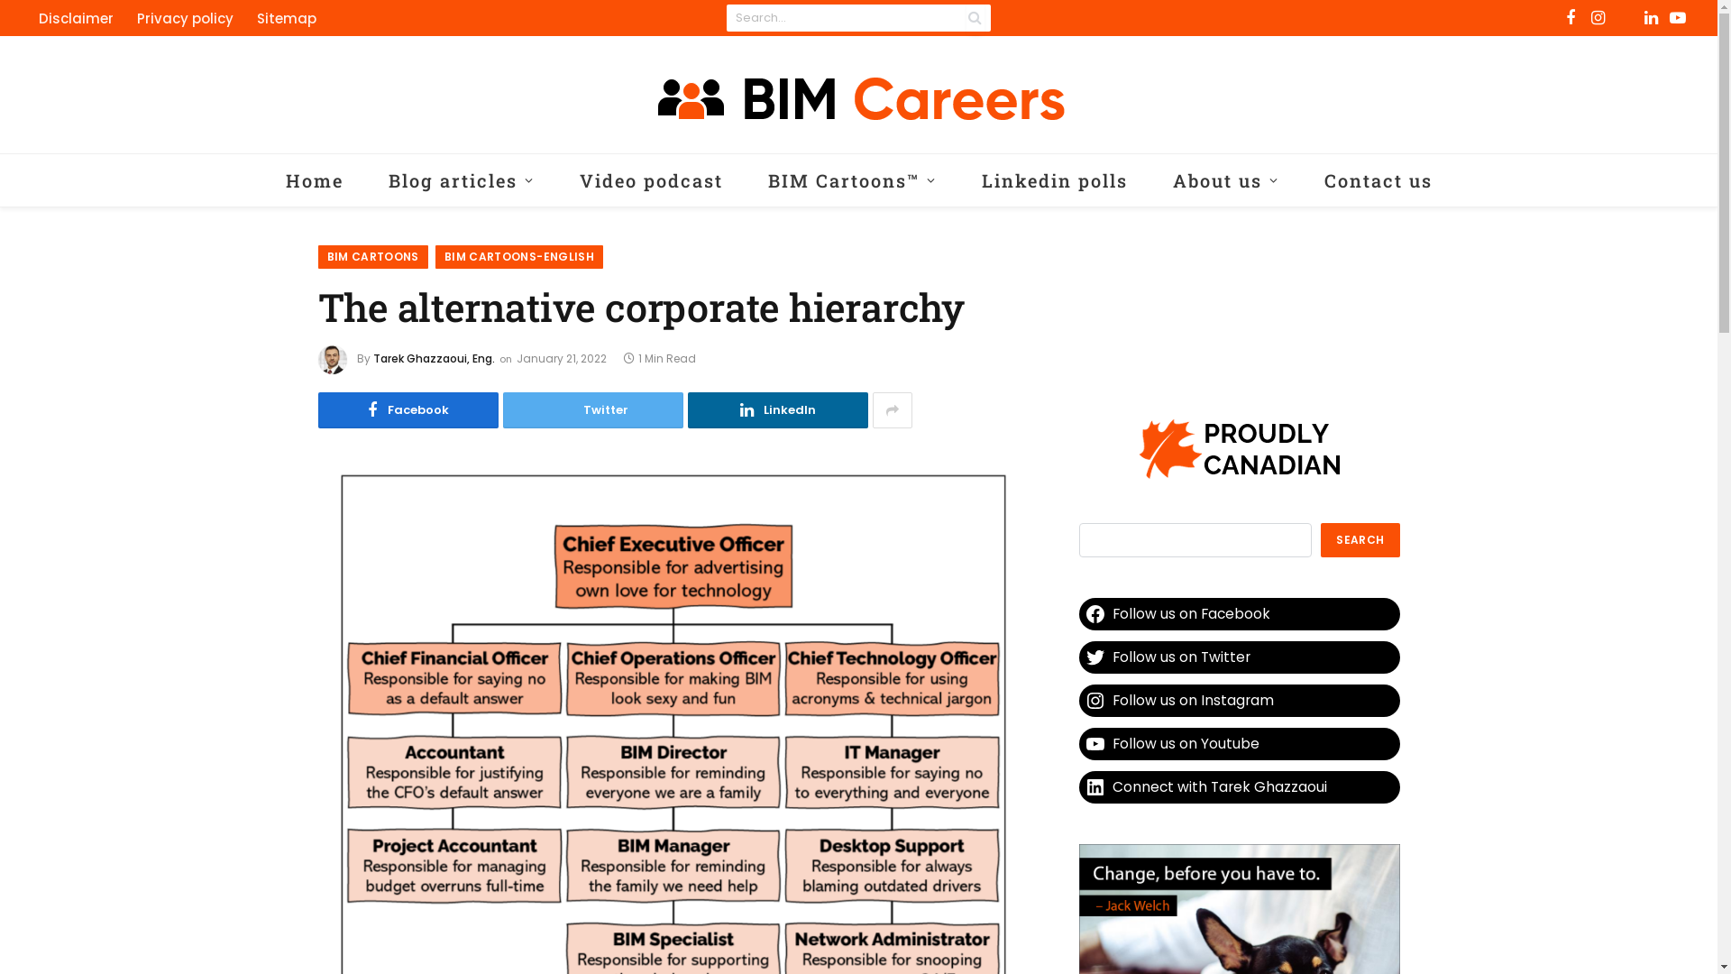 The width and height of the screenshot is (1731, 974). What do you see at coordinates (462, 180) in the screenshot?
I see `'Blog articles'` at bounding box center [462, 180].